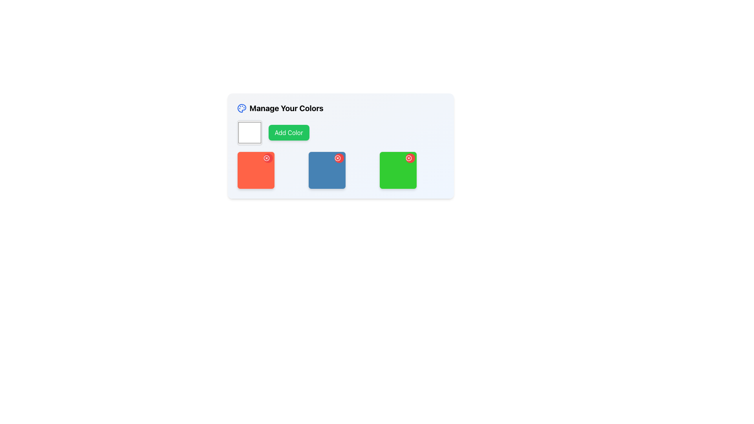 This screenshot has height=424, width=754. What do you see at coordinates (241, 108) in the screenshot?
I see `the palette icon with a blue outline that introduces the 'Manage Your Colors' functionality, located above the color management options` at bounding box center [241, 108].